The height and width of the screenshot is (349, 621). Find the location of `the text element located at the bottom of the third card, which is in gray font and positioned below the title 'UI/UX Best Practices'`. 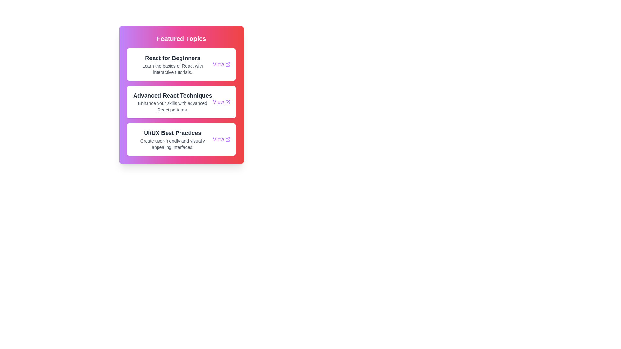

the text element located at the bottom of the third card, which is in gray font and positioned below the title 'UI/UX Best Practices' is located at coordinates (172, 144).